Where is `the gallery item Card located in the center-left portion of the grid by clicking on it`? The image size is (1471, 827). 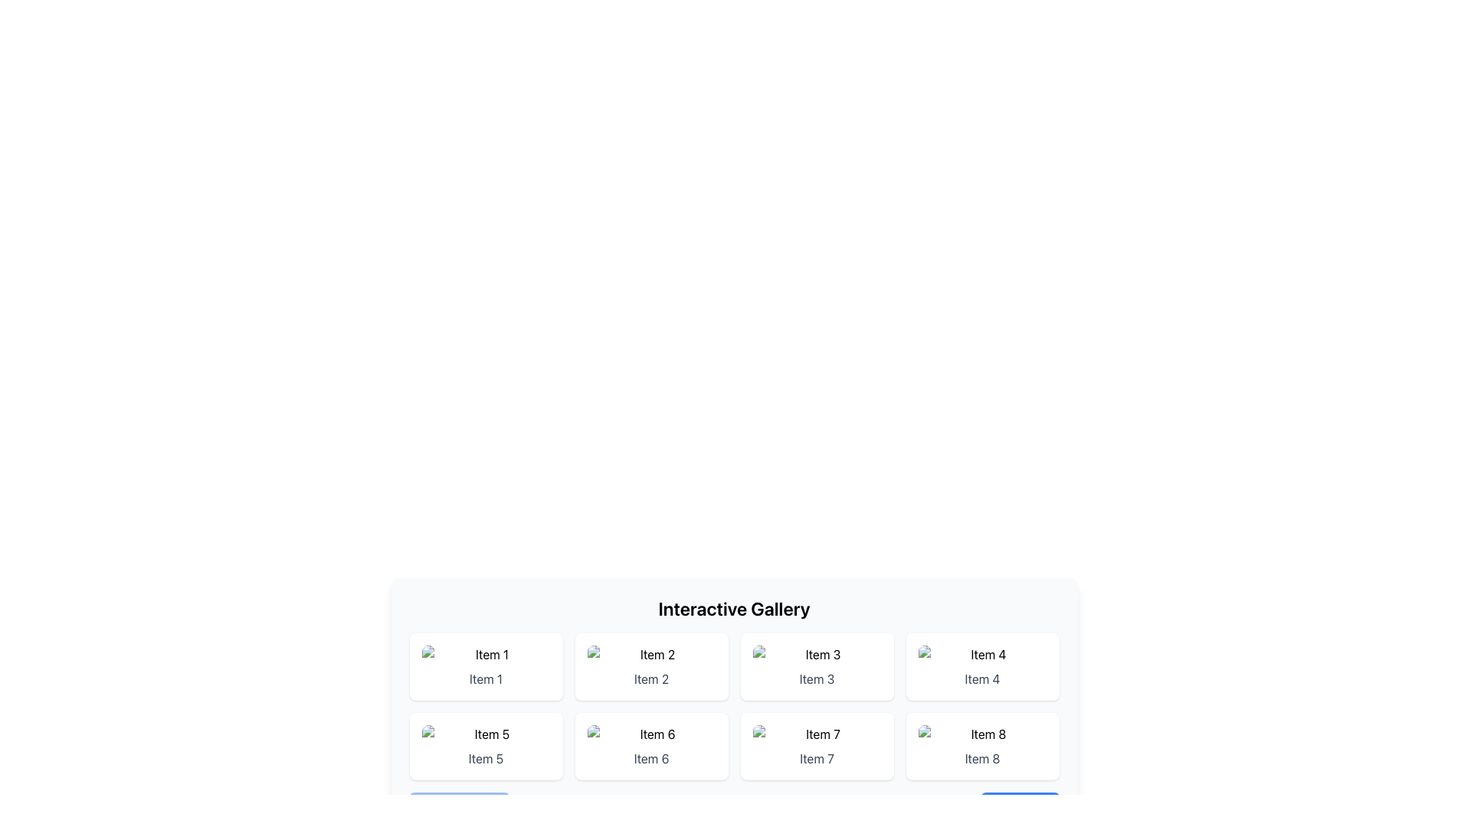
the gallery item Card located in the center-left portion of the grid by clicking on it is located at coordinates (485, 746).